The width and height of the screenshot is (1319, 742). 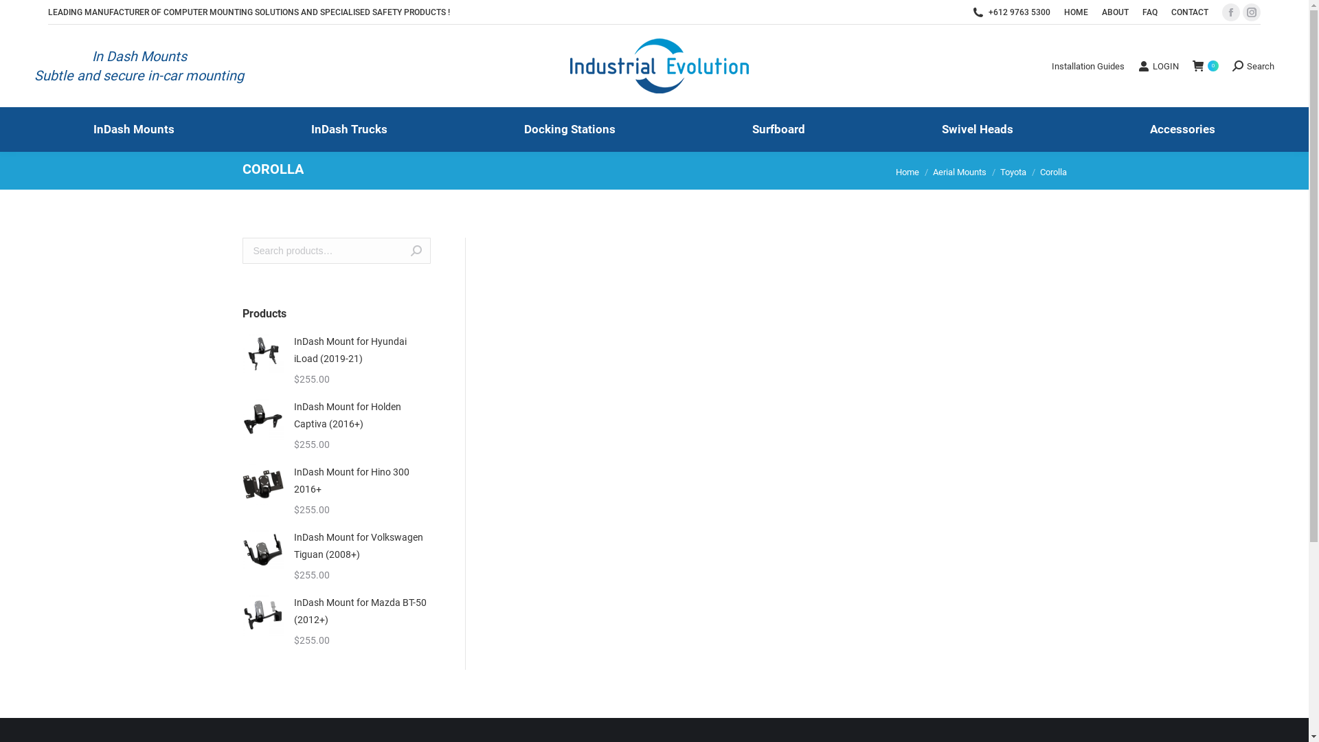 What do you see at coordinates (977, 129) in the screenshot?
I see `'Swivel Heads'` at bounding box center [977, 129].